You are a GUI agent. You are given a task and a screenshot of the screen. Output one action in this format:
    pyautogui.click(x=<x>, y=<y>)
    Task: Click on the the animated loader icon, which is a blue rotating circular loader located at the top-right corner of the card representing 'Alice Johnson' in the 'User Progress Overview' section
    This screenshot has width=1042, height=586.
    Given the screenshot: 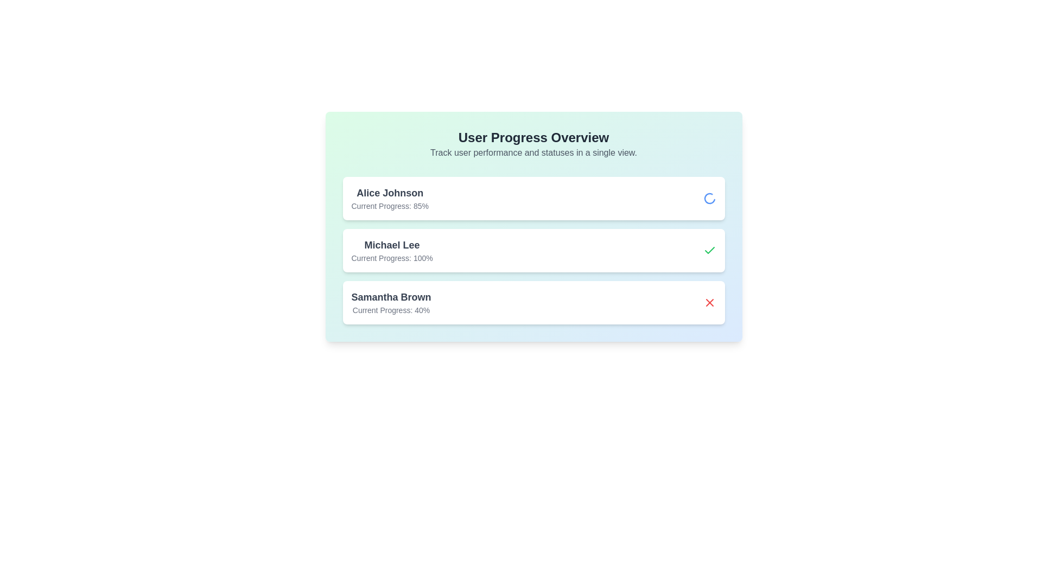 What is the action you would take?
    pyautogui.click(x=709, y=199)
    